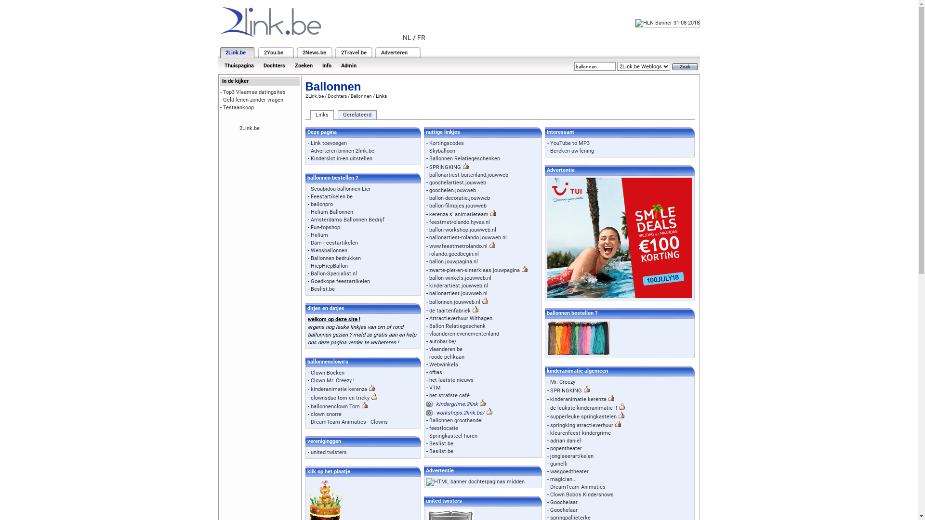 This screenshot has width=925, height=520. I want to click on 'Thuispagina', so click(219, 65).